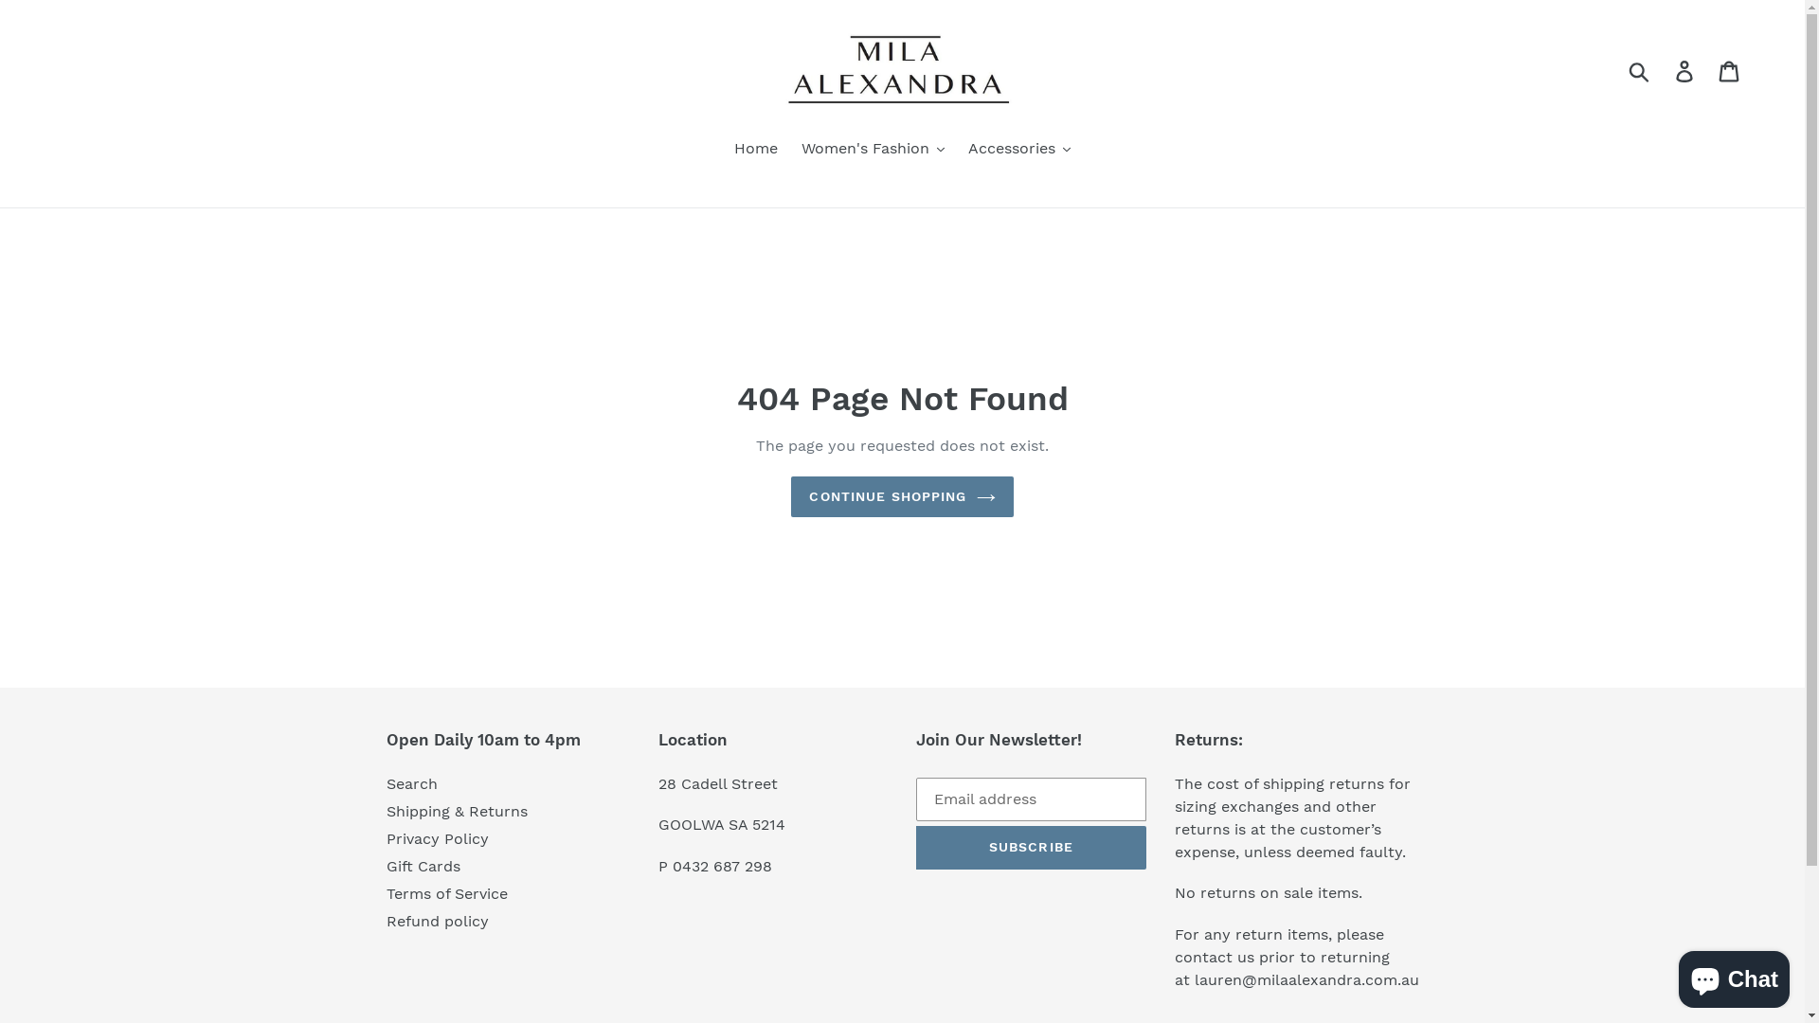  I want to click on 'Log in', so click(1663, 70).